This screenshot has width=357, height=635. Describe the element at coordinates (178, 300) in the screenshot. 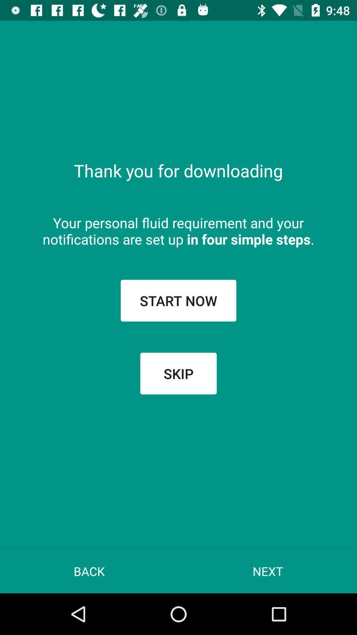

I see `icon above skip` at that location.